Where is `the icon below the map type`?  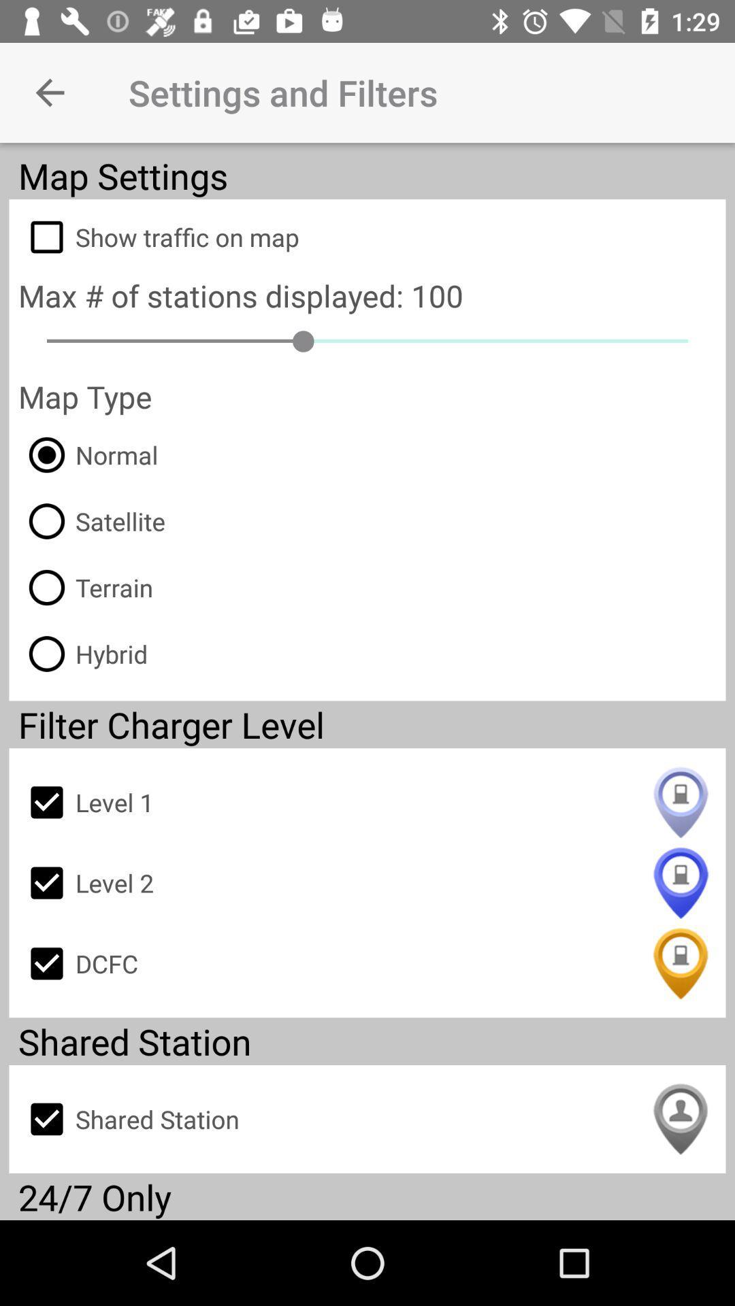 the icon below the map type is located at coordinates (88, 454).